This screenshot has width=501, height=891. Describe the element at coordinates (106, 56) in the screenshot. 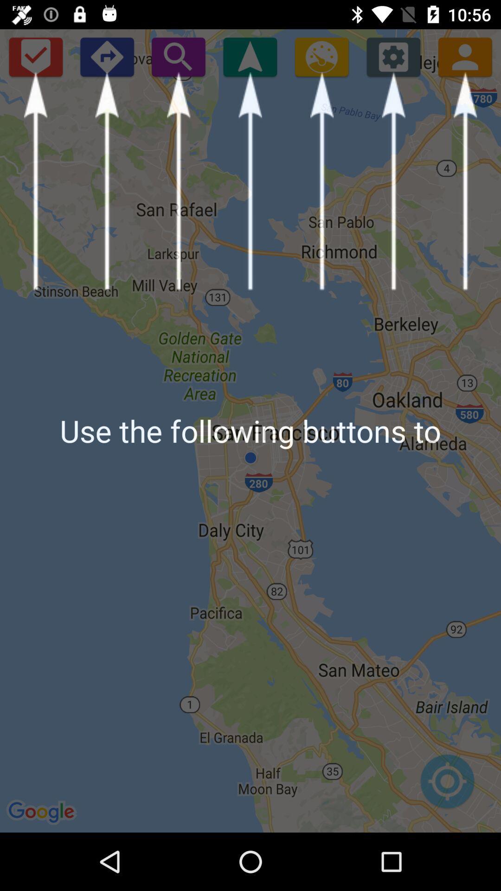

I see `one way` at that location.